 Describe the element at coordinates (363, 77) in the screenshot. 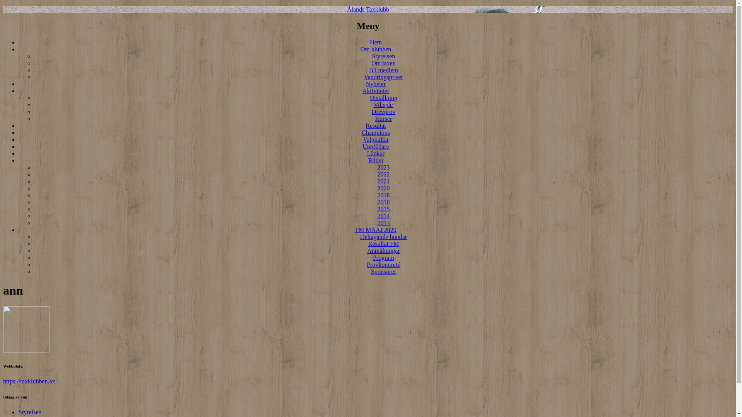

I see `'Vandringspriser'` at that location.